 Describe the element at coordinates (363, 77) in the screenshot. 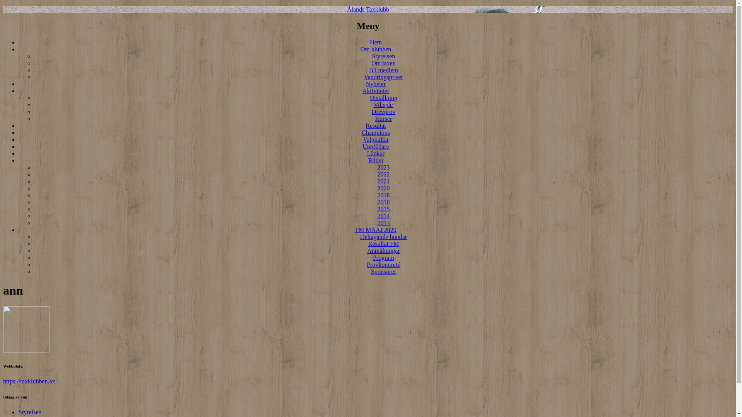

I see `'Vandringspriser'` at that location.